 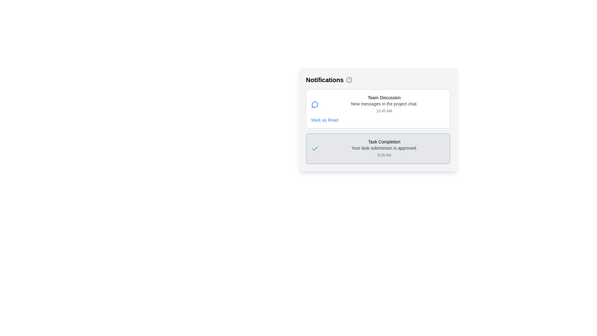 What do you see at coordinates (384, 148) in the screenshot?
I see `the text label confirming task submission approval, located in the Notifications panel below the title 'Task Completion' and above the timestamp '9:20 AM'` at bounding box center [384, 148].